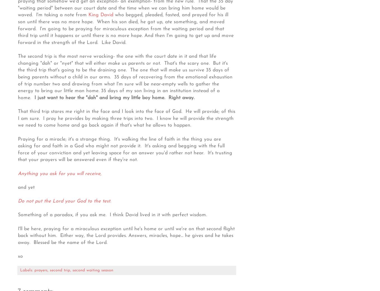  I want to click on 'prayers', so click(41, 270).